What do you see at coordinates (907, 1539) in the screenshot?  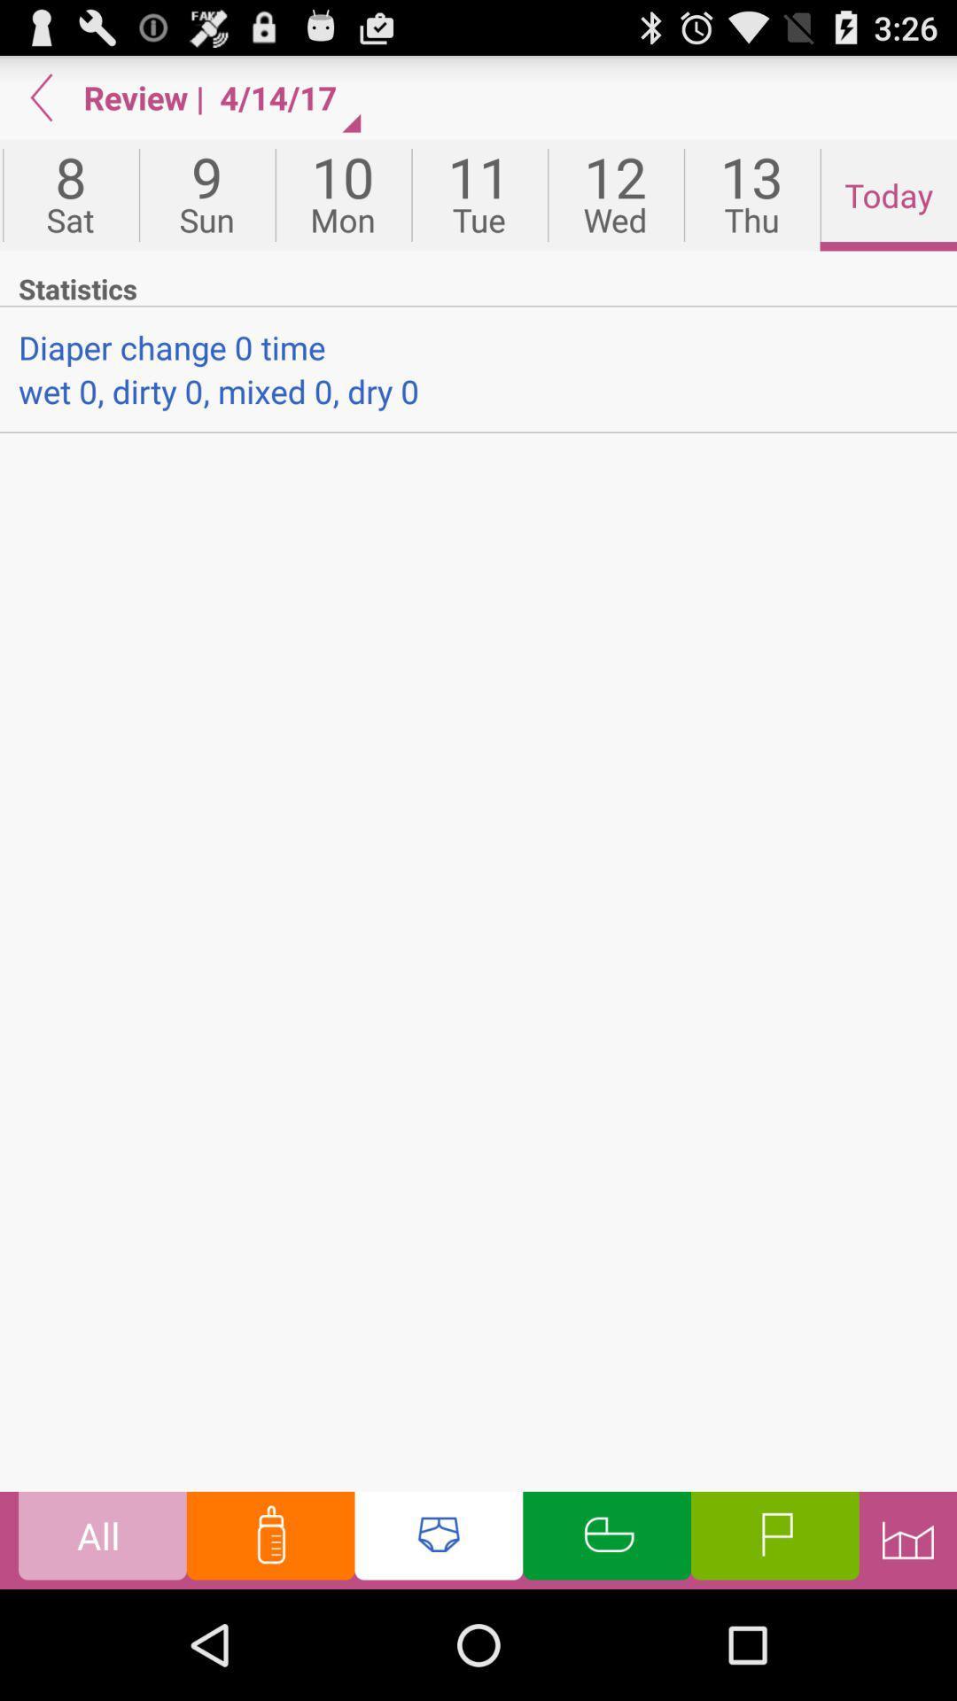 I see `chart option` at bounding box center [907, 1539].